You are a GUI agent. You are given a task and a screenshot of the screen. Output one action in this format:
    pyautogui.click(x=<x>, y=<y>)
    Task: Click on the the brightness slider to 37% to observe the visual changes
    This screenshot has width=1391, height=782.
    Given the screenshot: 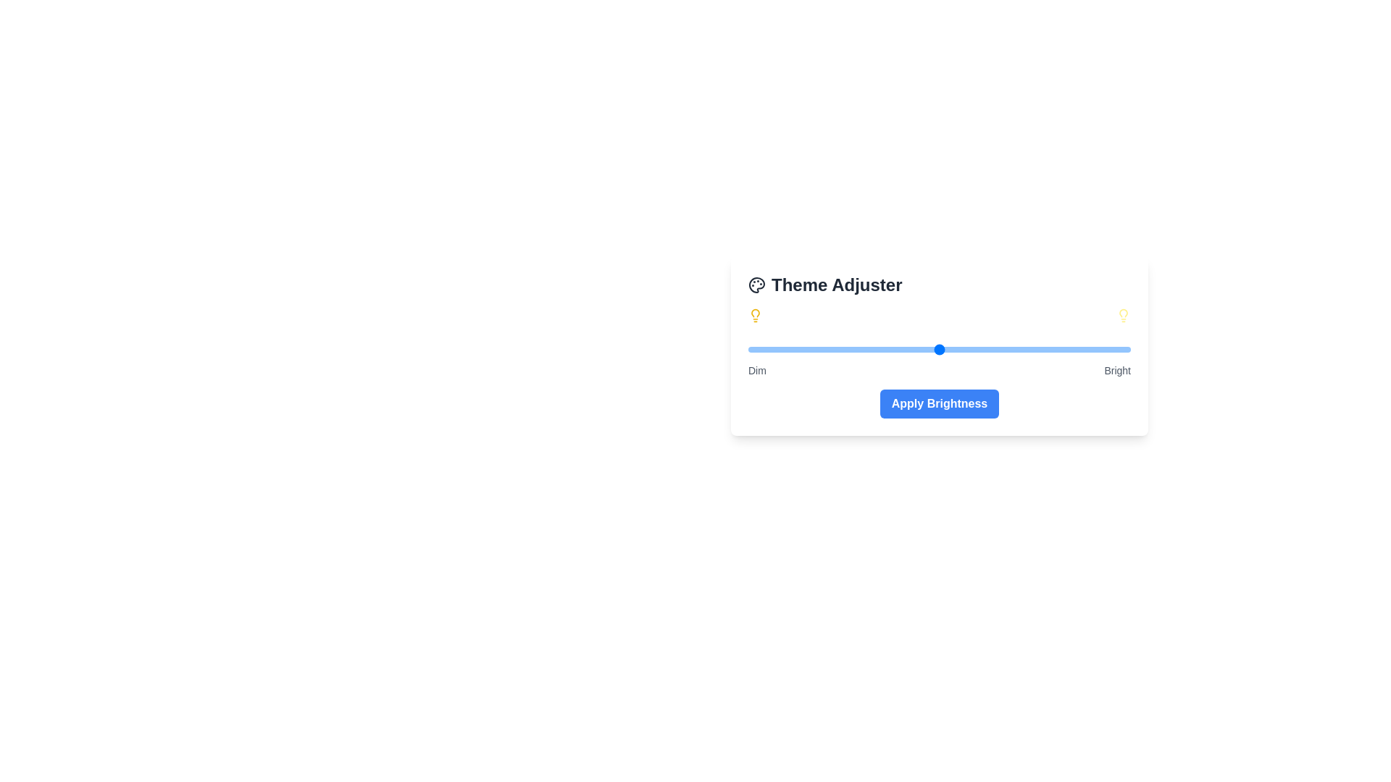 What is the action you would take?
    pyautogui.click(x=889, y=349)
    